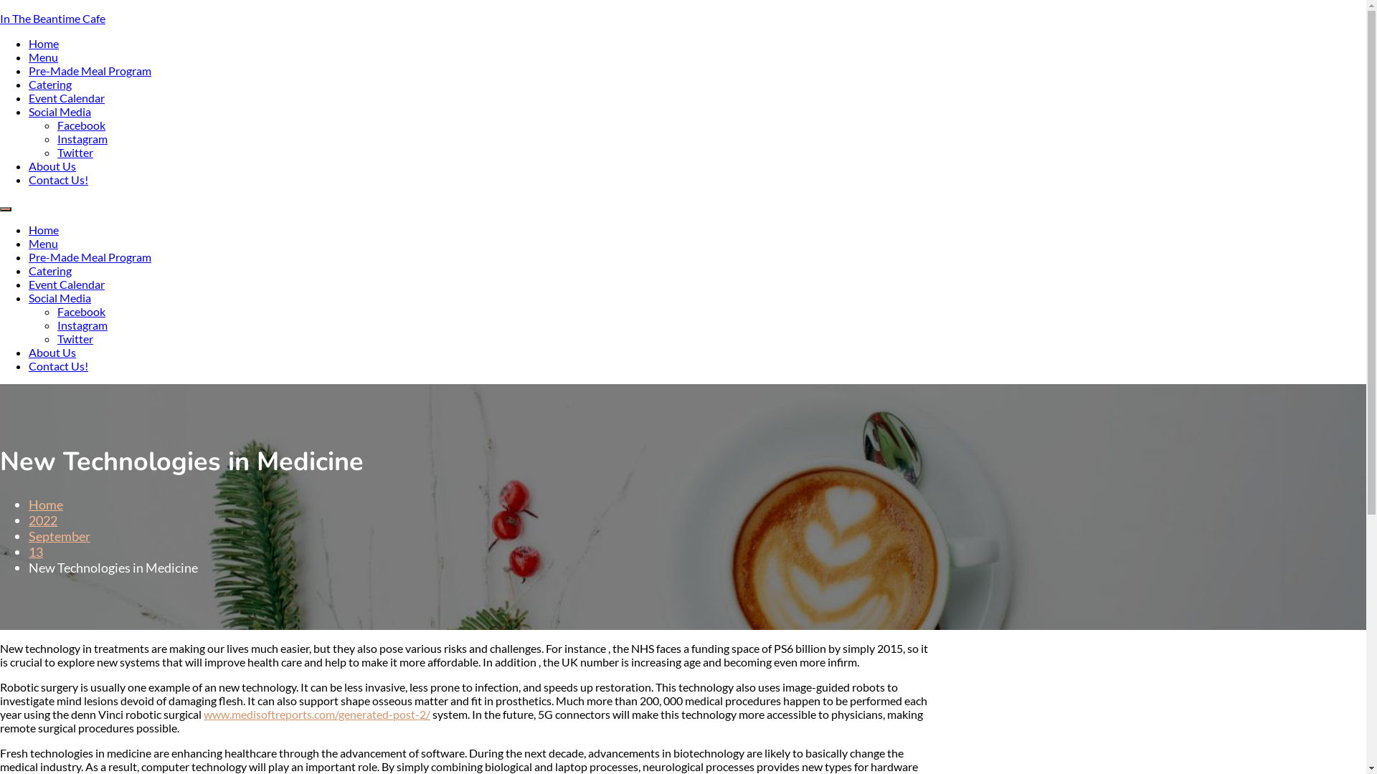  Describe the element at coordinates (57, 152) in the screenshot. I see `'Twitter'` at that location.